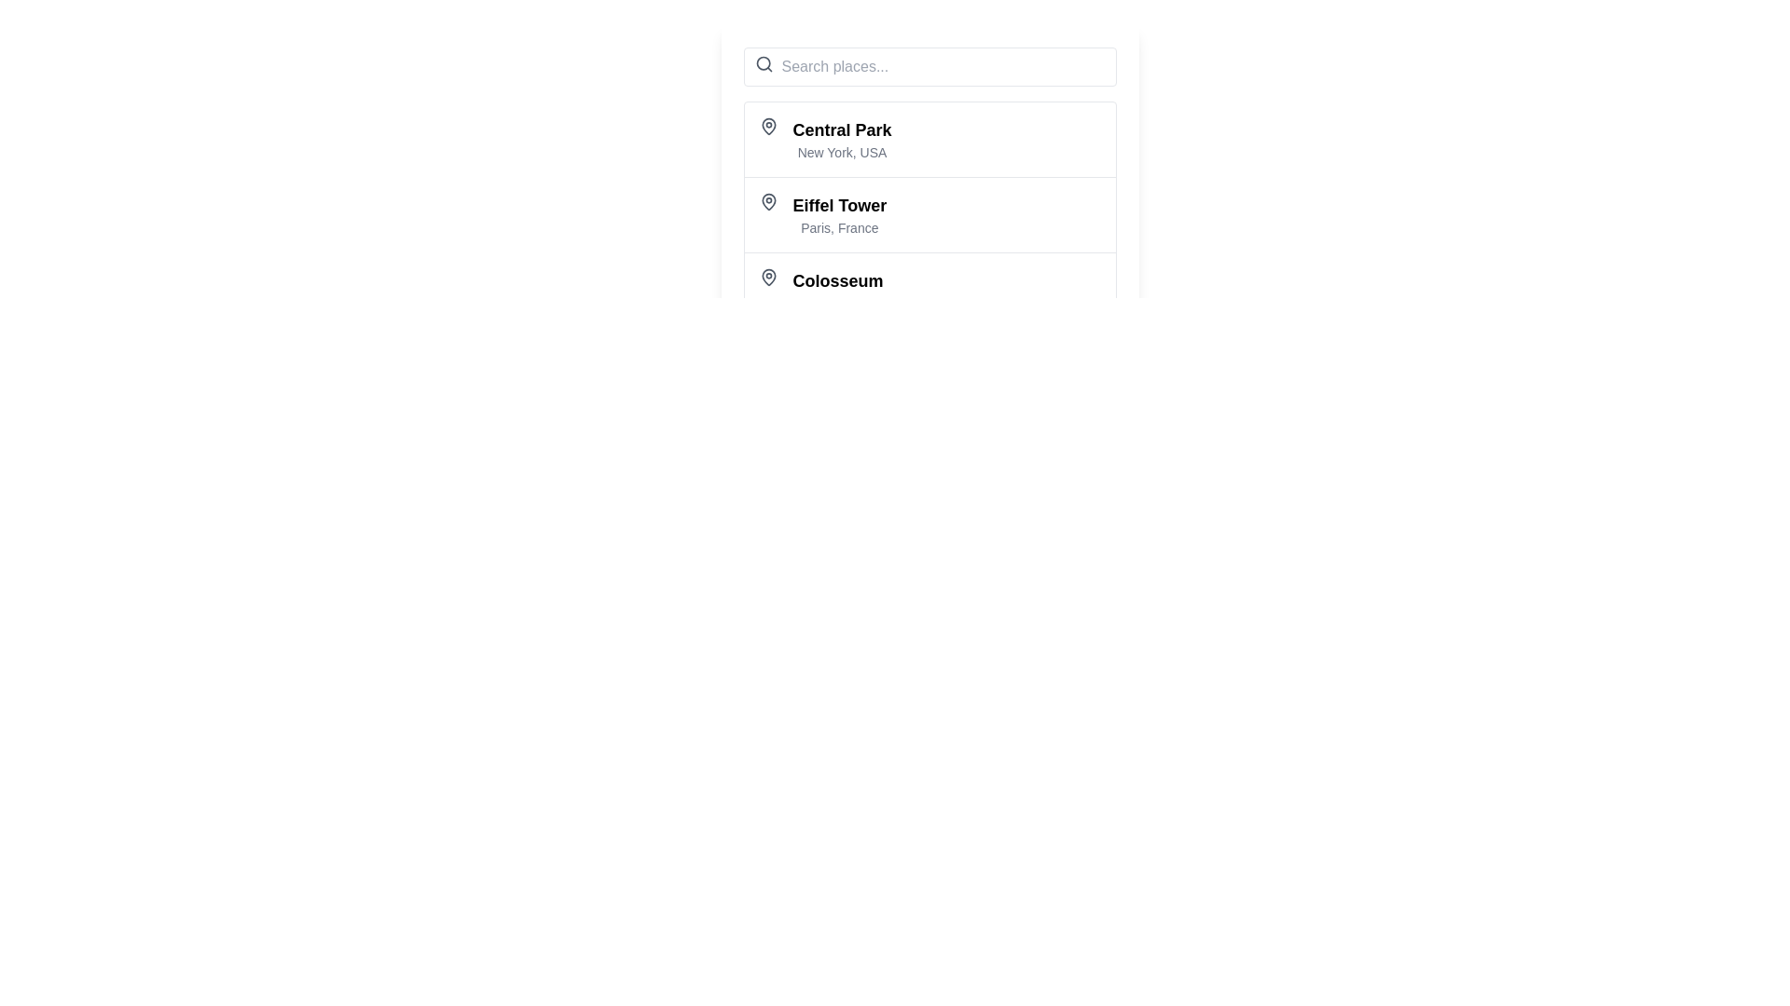  I want to click on the search icon located to the left of the 'Search places...' placeholder in the search bar, so click(764, 63).